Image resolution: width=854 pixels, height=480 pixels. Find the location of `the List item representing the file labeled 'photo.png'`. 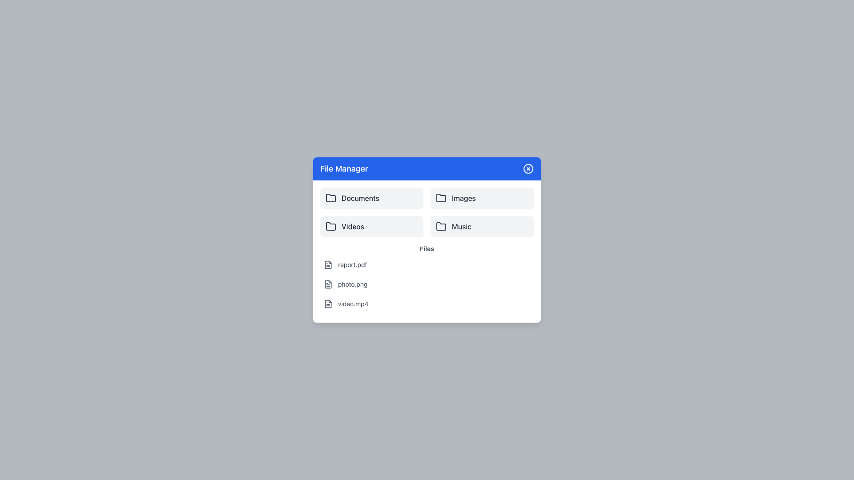

the List item representing the file labeled 'photo.png' is located at coordinates (427, 284).